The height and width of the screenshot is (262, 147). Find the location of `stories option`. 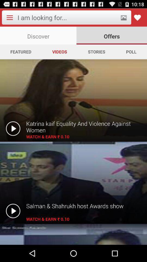

stories option is located at coordinates (96, 52).